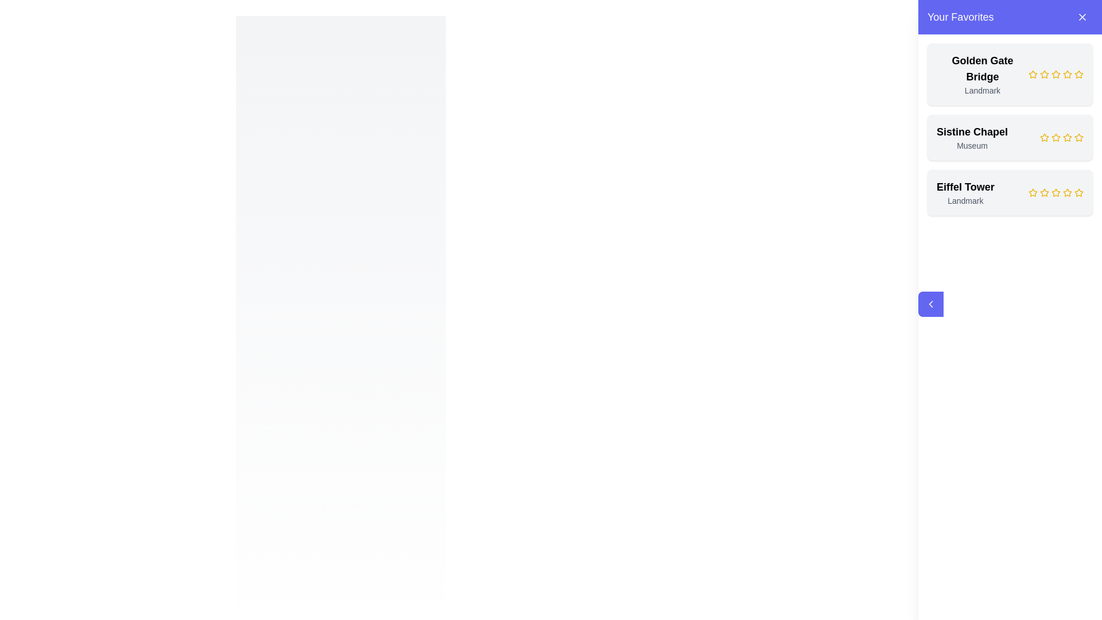  Describe the element at coordinates (1078, 192) in the screenshot. I see `the fifth star icon in the five-star rating system to set a rating for 'Eiffel Tower' in the 'Your Favorites' panel` at that location.